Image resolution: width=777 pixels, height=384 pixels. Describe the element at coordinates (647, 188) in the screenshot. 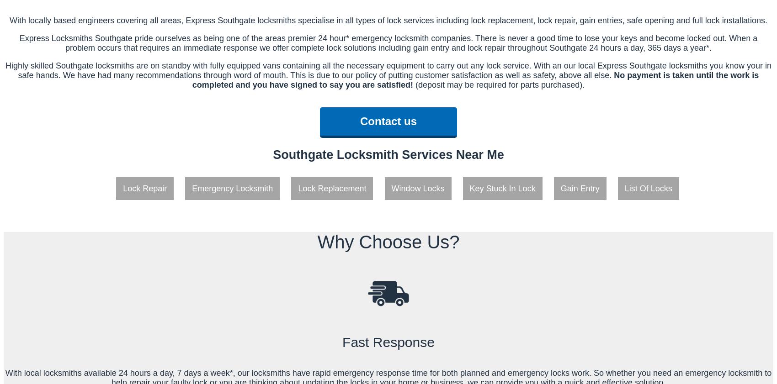

I see `'List Of Locks'` at that location.